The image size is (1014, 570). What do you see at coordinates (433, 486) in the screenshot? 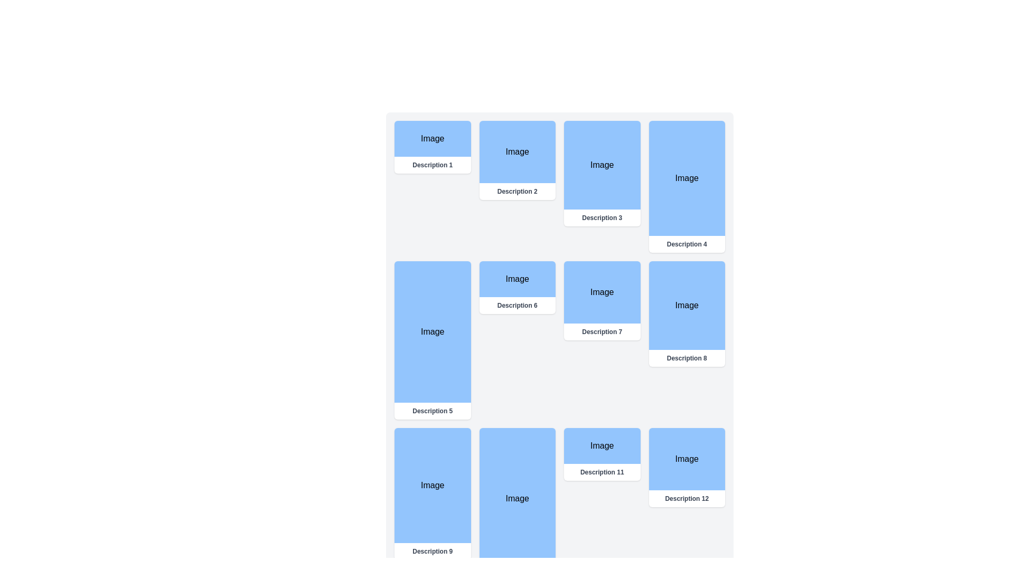
I see `the static display area or image placeholder located in the upper section of the card, directly above the text labeled 'Description 9'` at bounding box center [433, 486].